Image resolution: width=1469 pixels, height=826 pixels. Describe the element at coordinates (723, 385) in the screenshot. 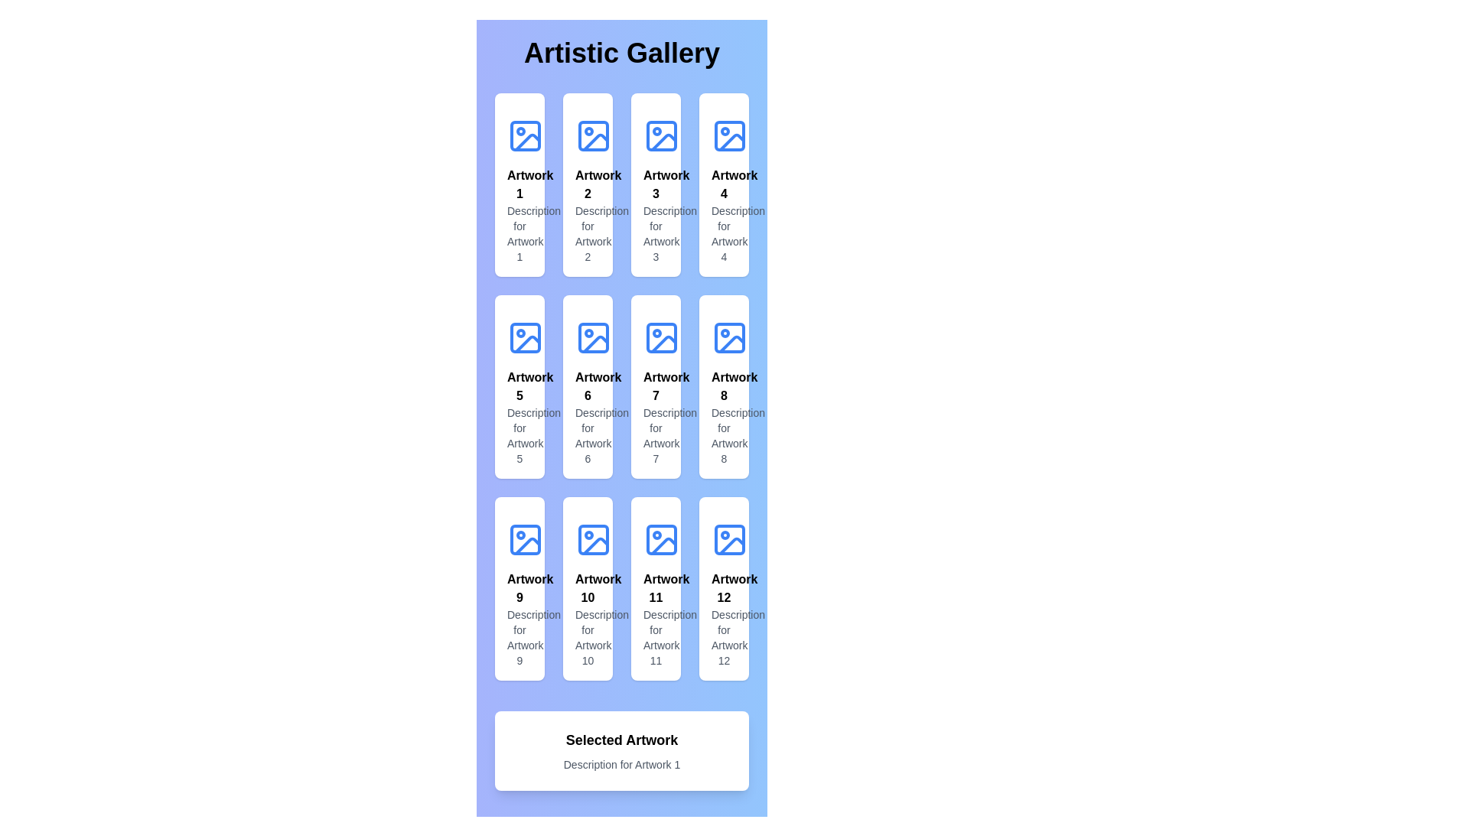

I see `the text element labeled 'Artwork 8', which is bold and centered within a card` at that location.